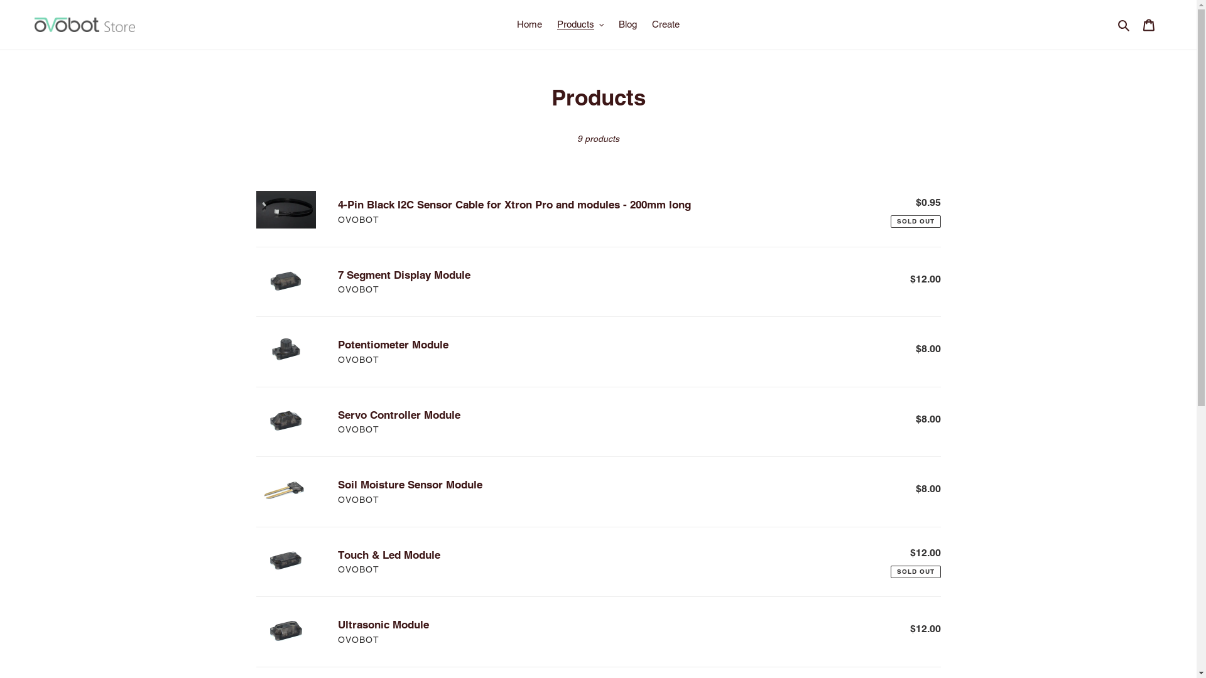 This screenshot has width=1206, height=678. Describe the element at coordinates (627, 24) in the screenshot. I see `'Blog'` at that location.